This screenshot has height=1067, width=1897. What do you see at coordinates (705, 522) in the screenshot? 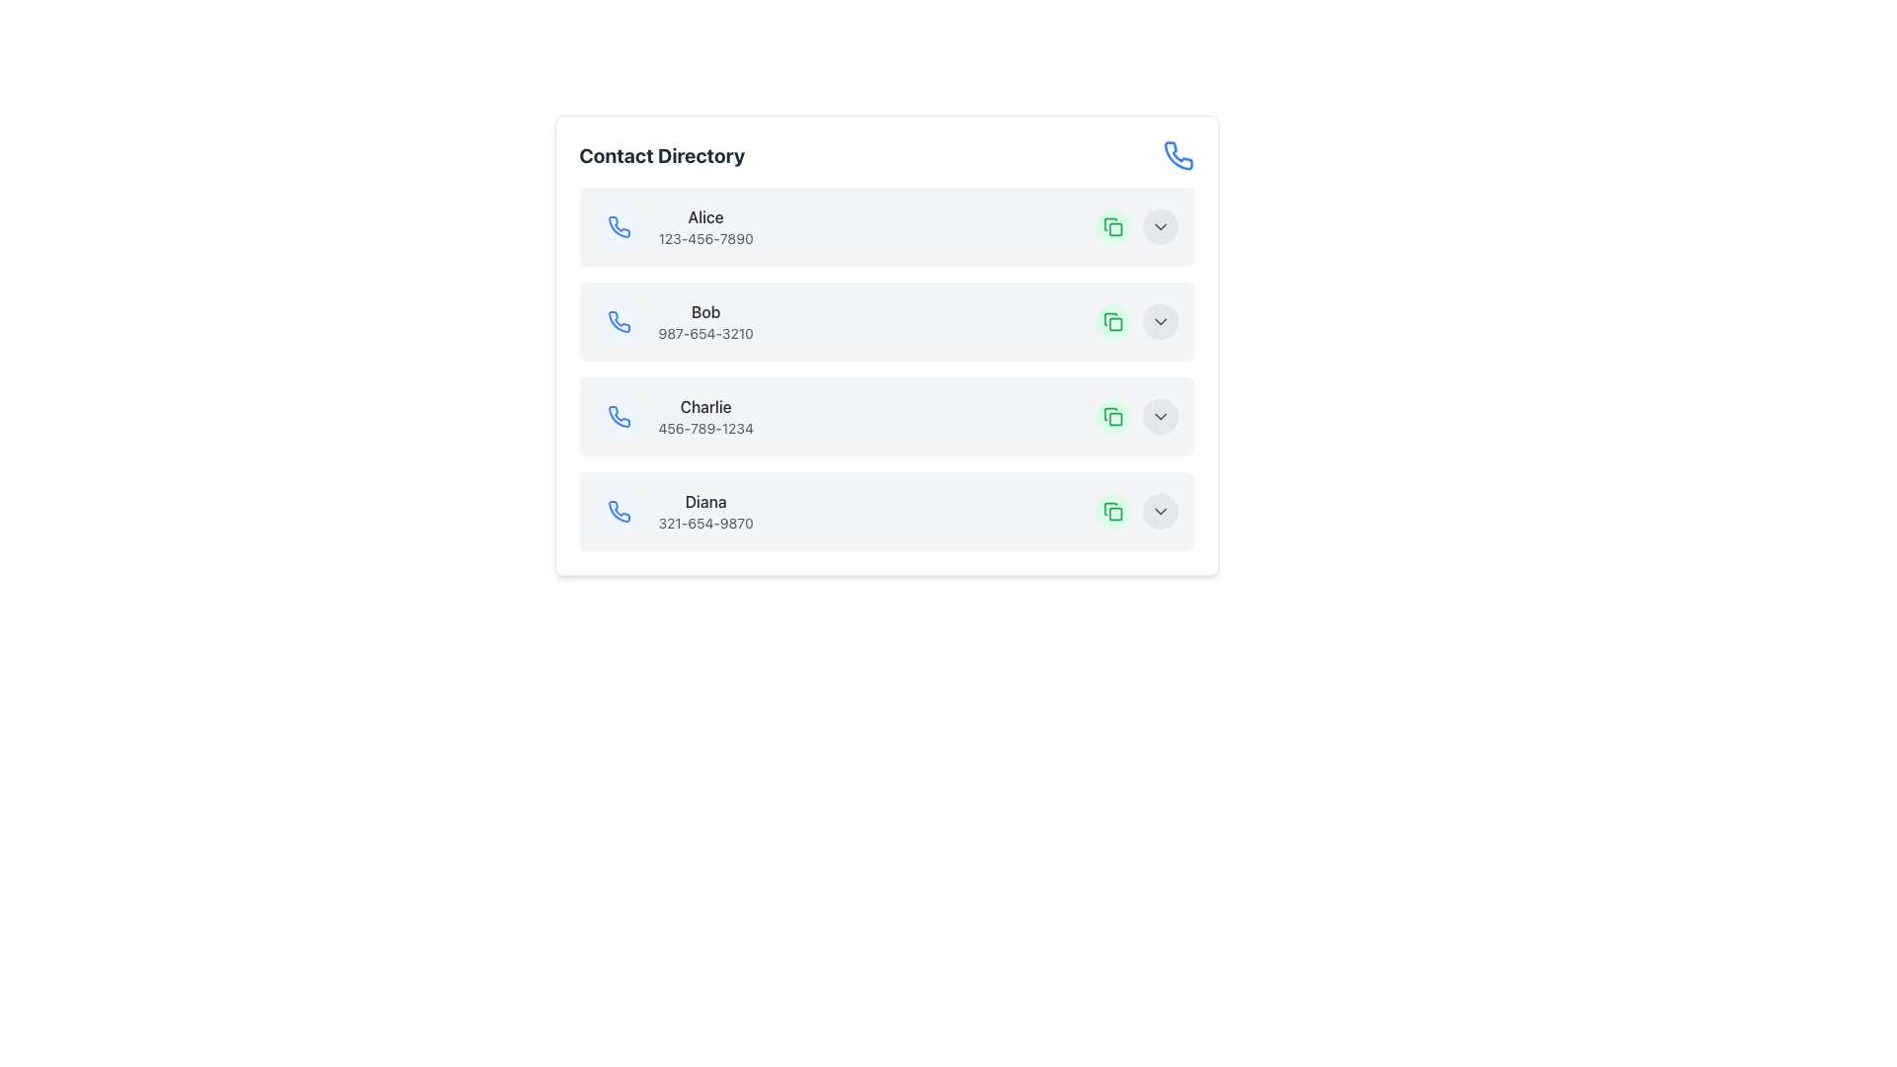
I see `the Static Text displaying the phone number '321-654-9870' located under the name 'Diana' in the fourth entry of the contact list` at bounding box center [705, 522].